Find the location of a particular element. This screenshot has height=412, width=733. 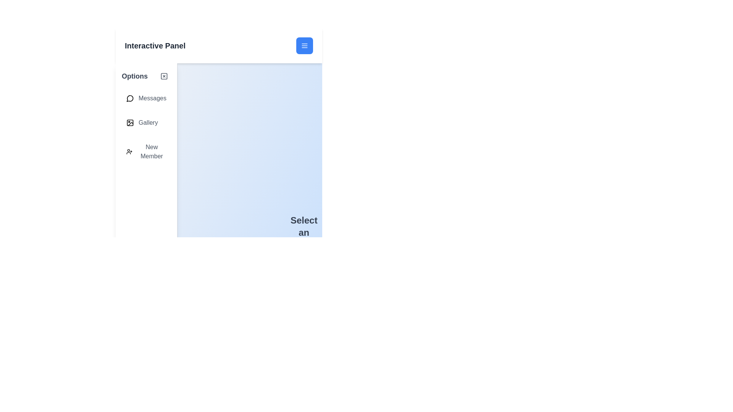

the 'Gallery' icon located in the navigation menu on the left side of the page is located at coordinates (130, 122).